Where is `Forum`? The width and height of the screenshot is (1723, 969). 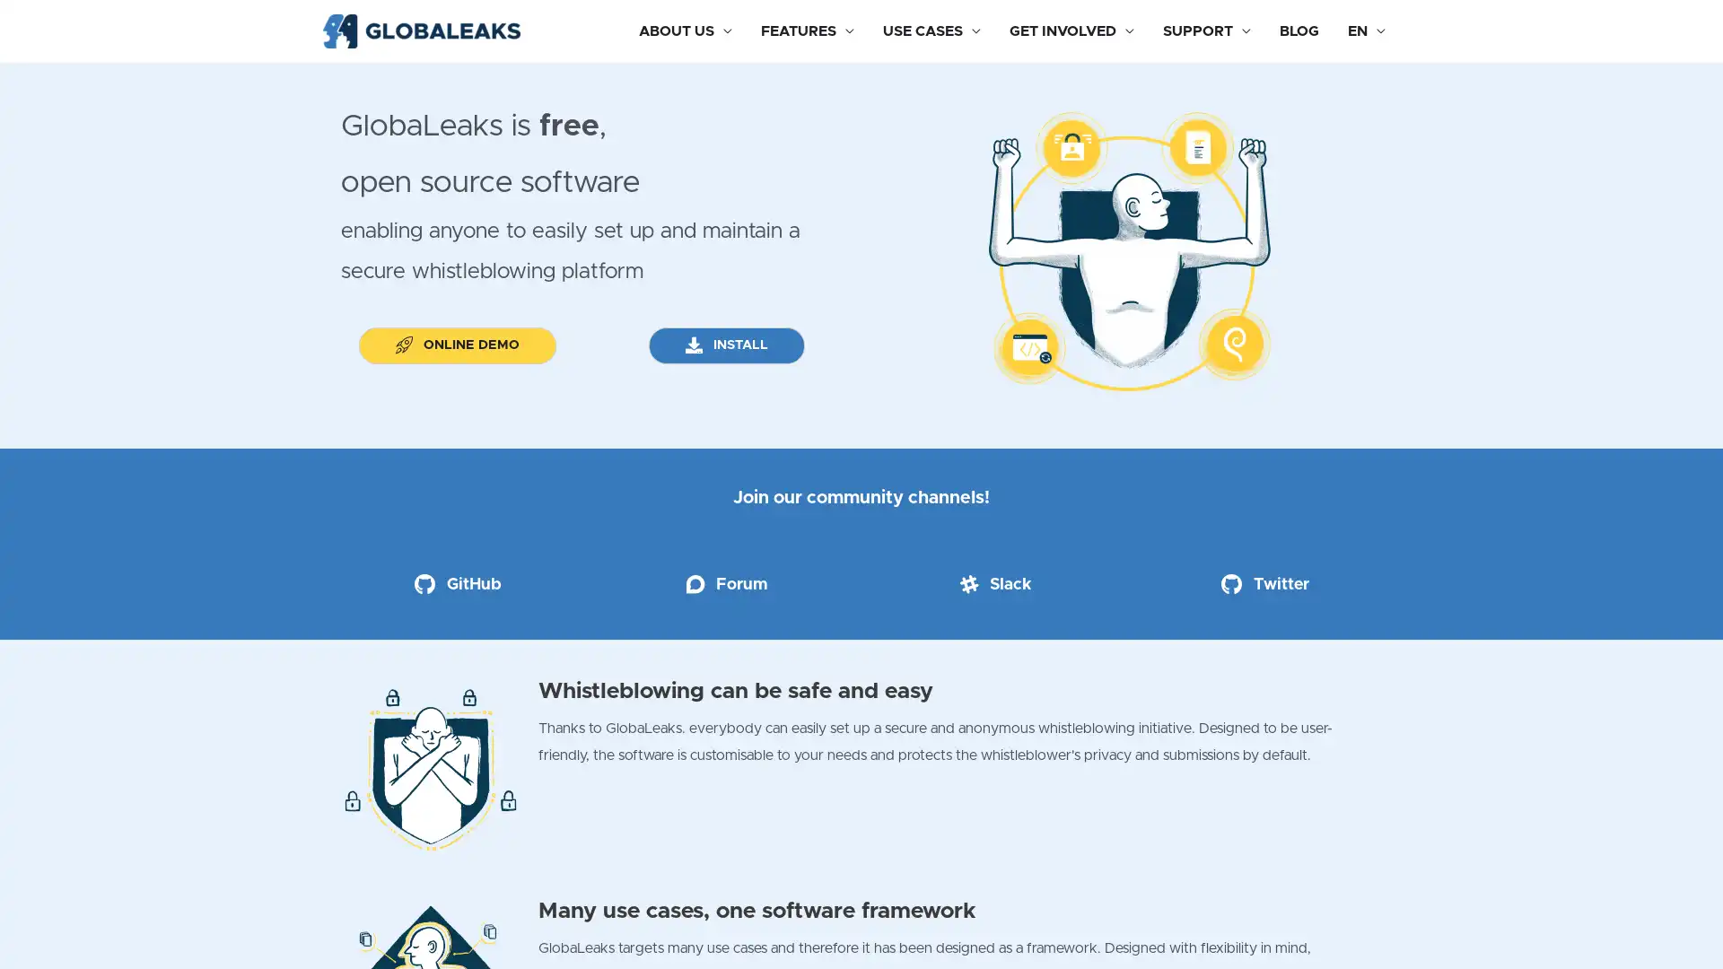
Forum is located at coordinates (727, 584).